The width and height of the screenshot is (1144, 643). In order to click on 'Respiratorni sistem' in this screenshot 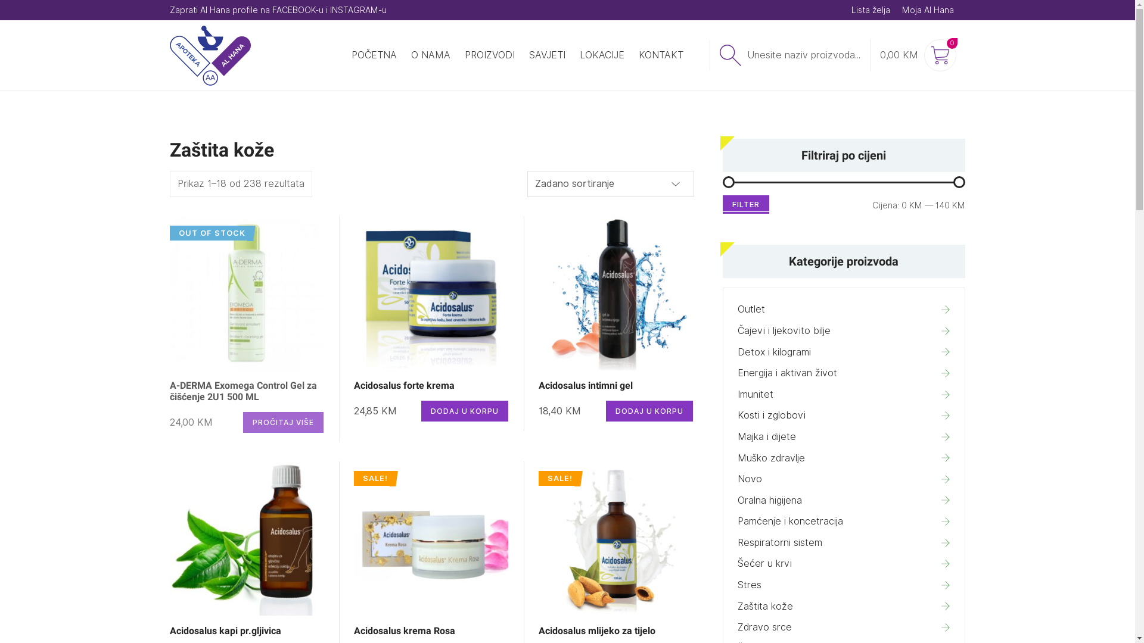, I will do `click(843, 542)`.